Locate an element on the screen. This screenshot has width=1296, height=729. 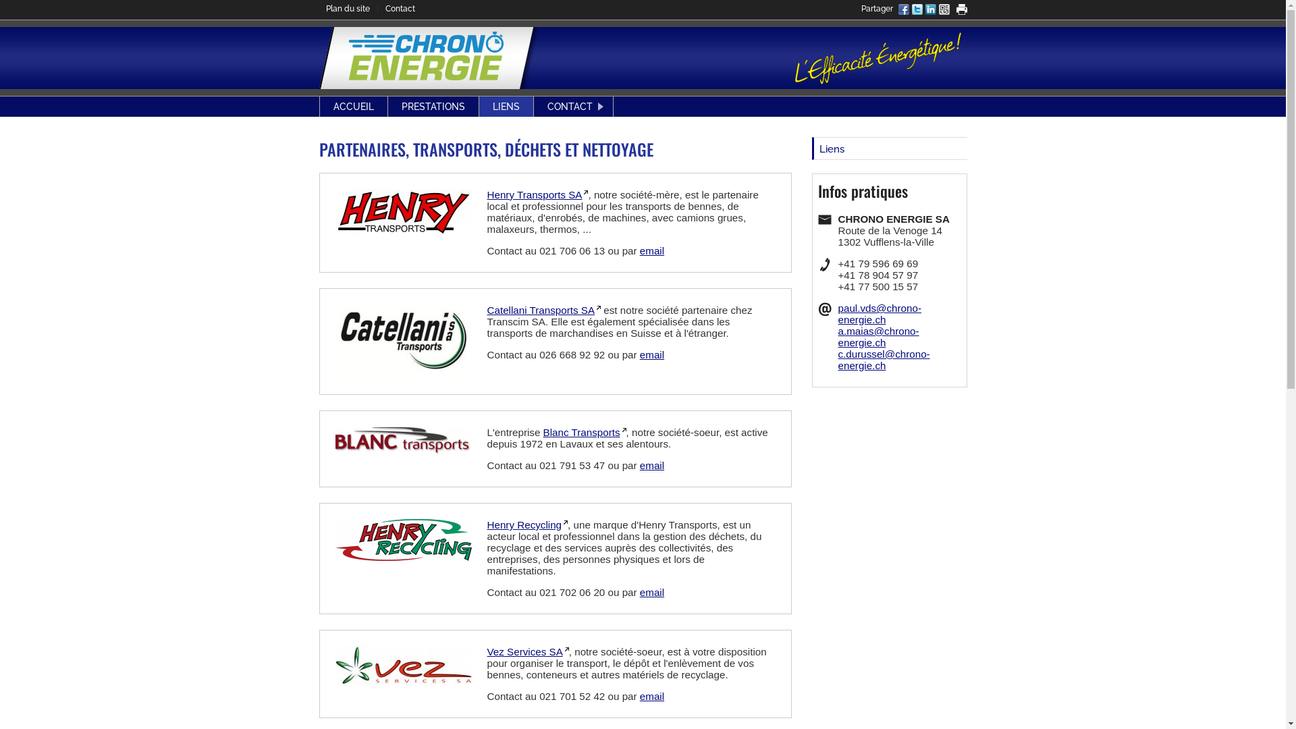
'c.durussel@chrono-energie.ch' is located at coordinates (884, 358).